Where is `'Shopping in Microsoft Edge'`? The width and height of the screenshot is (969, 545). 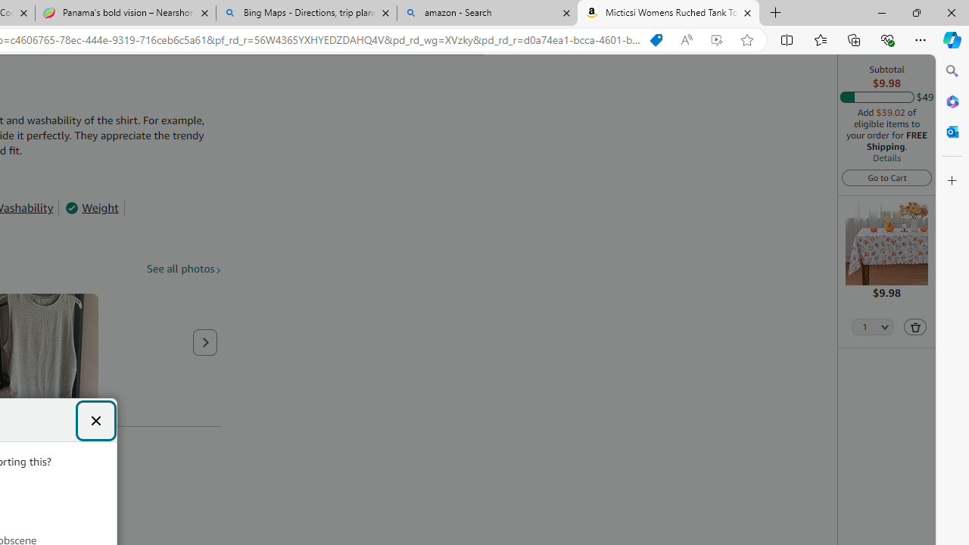 'Shopping in Microsoft Edge' is located at coordinates (656, 39).